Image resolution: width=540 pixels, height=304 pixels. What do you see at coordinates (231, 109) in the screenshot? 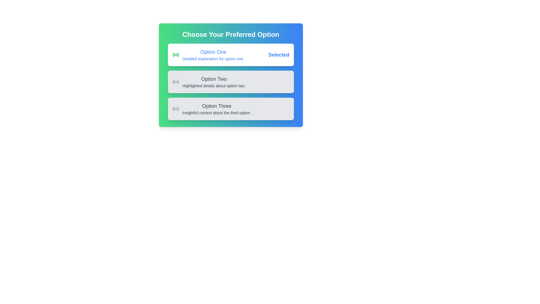
I see `the third option in a vertical list of selectable options, which provides descriptive information and is located below 'Option Two'` at bounding box center [231, 109].